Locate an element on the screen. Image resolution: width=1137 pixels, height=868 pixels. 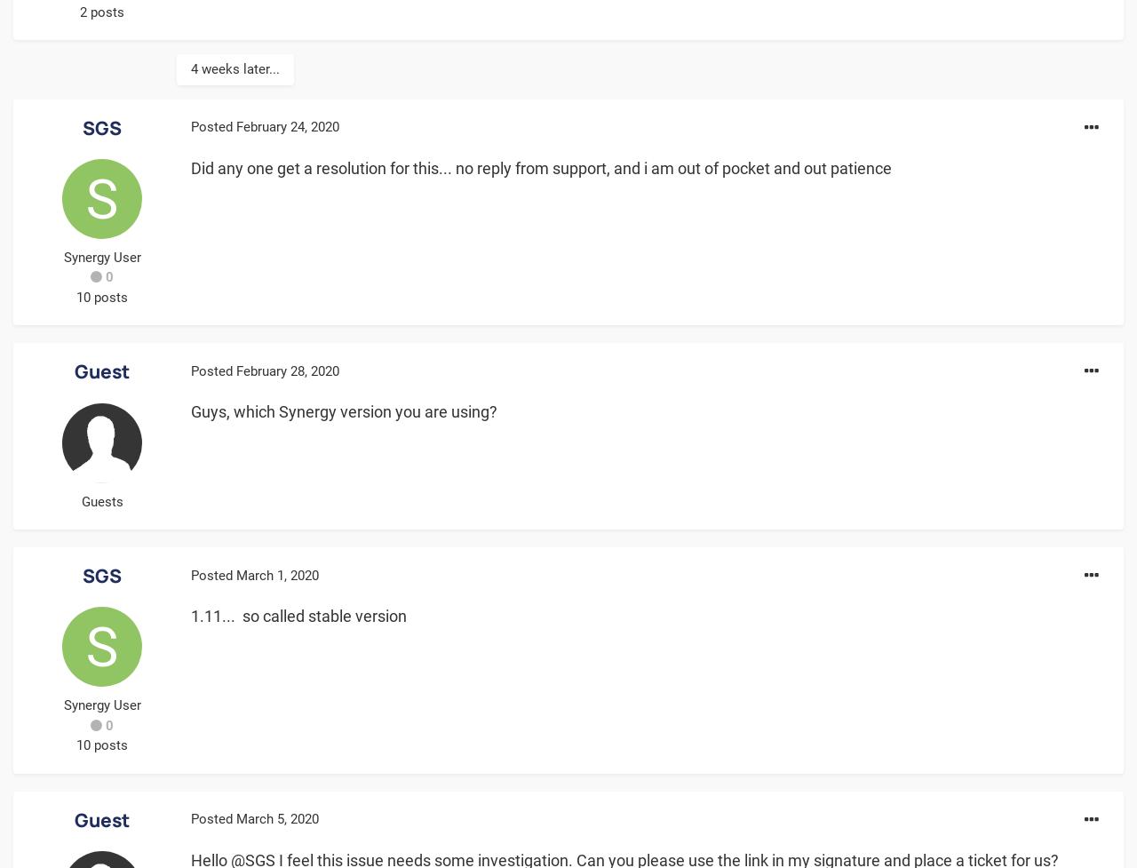
'1.11...  so called stable version' is located at coordinates (298, 616).